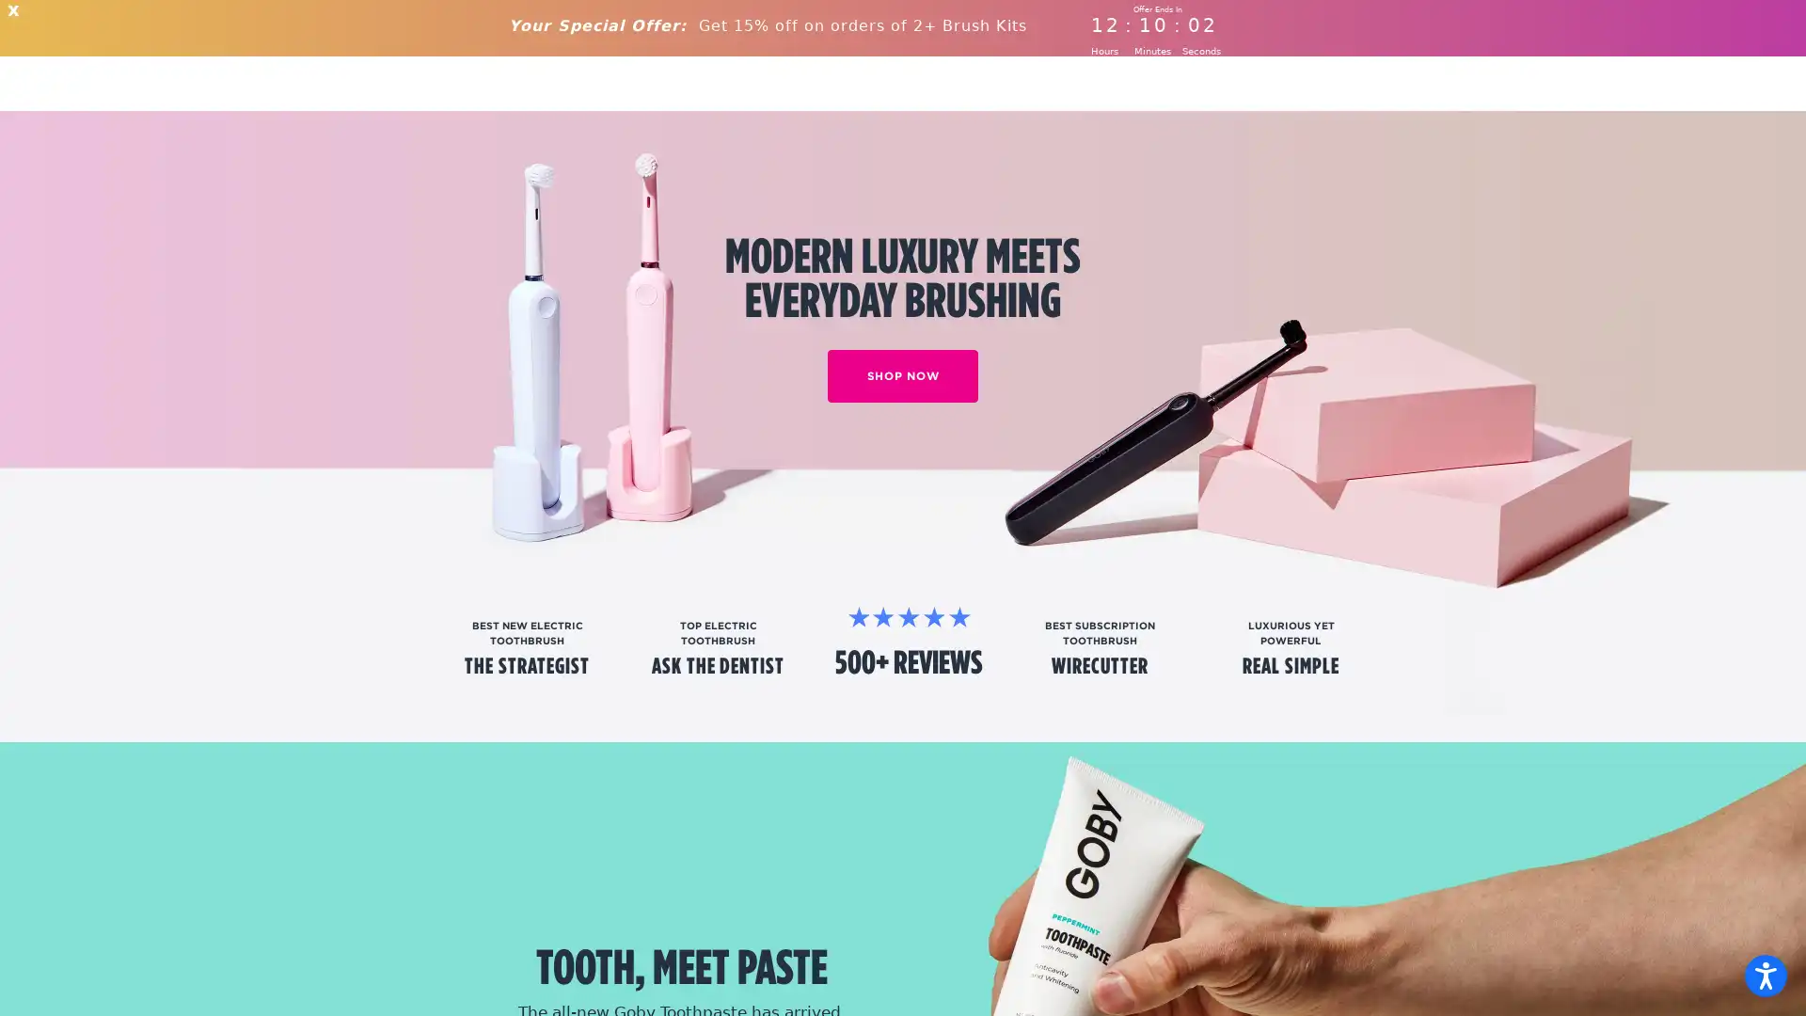 The width and height of the screenshot is (1806, 1016). What do you see at coordinates (1765, 975) in the screenshot?
I see `Open accessibility options, statement and help` at bounding box center [1765, 975].